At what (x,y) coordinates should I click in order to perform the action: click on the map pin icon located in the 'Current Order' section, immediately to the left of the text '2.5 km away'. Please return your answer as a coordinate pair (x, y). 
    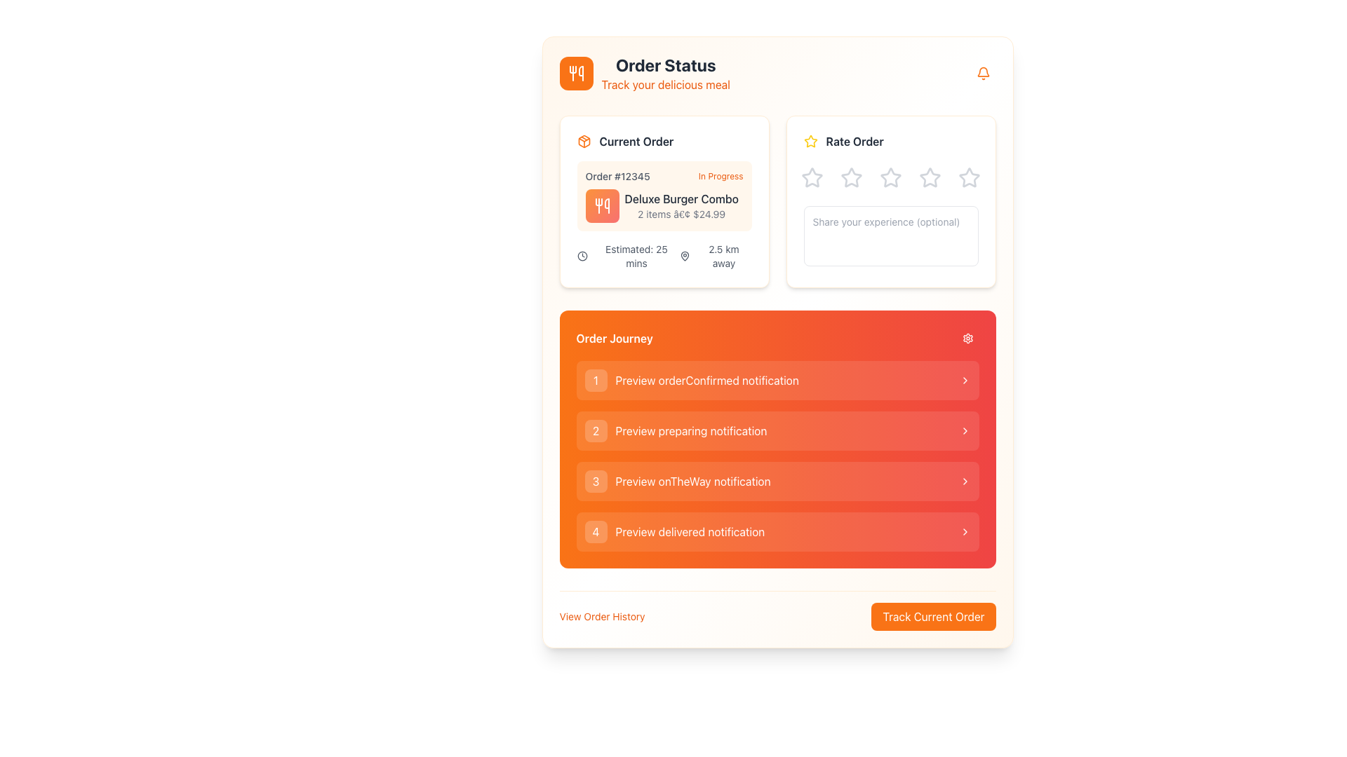
    Looking at the image, I should click on (685, 257).